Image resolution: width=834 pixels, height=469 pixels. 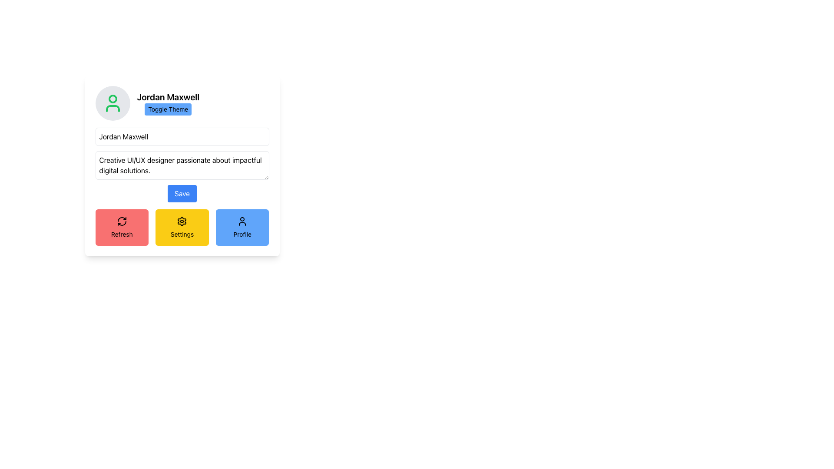 What do you see at coordinates (242, 221) in the screenshot?
I see `the SVG icon resembling a user silhouette located within a blue rectangular button above the 'Profile' text` at bounding box center [242, 221].